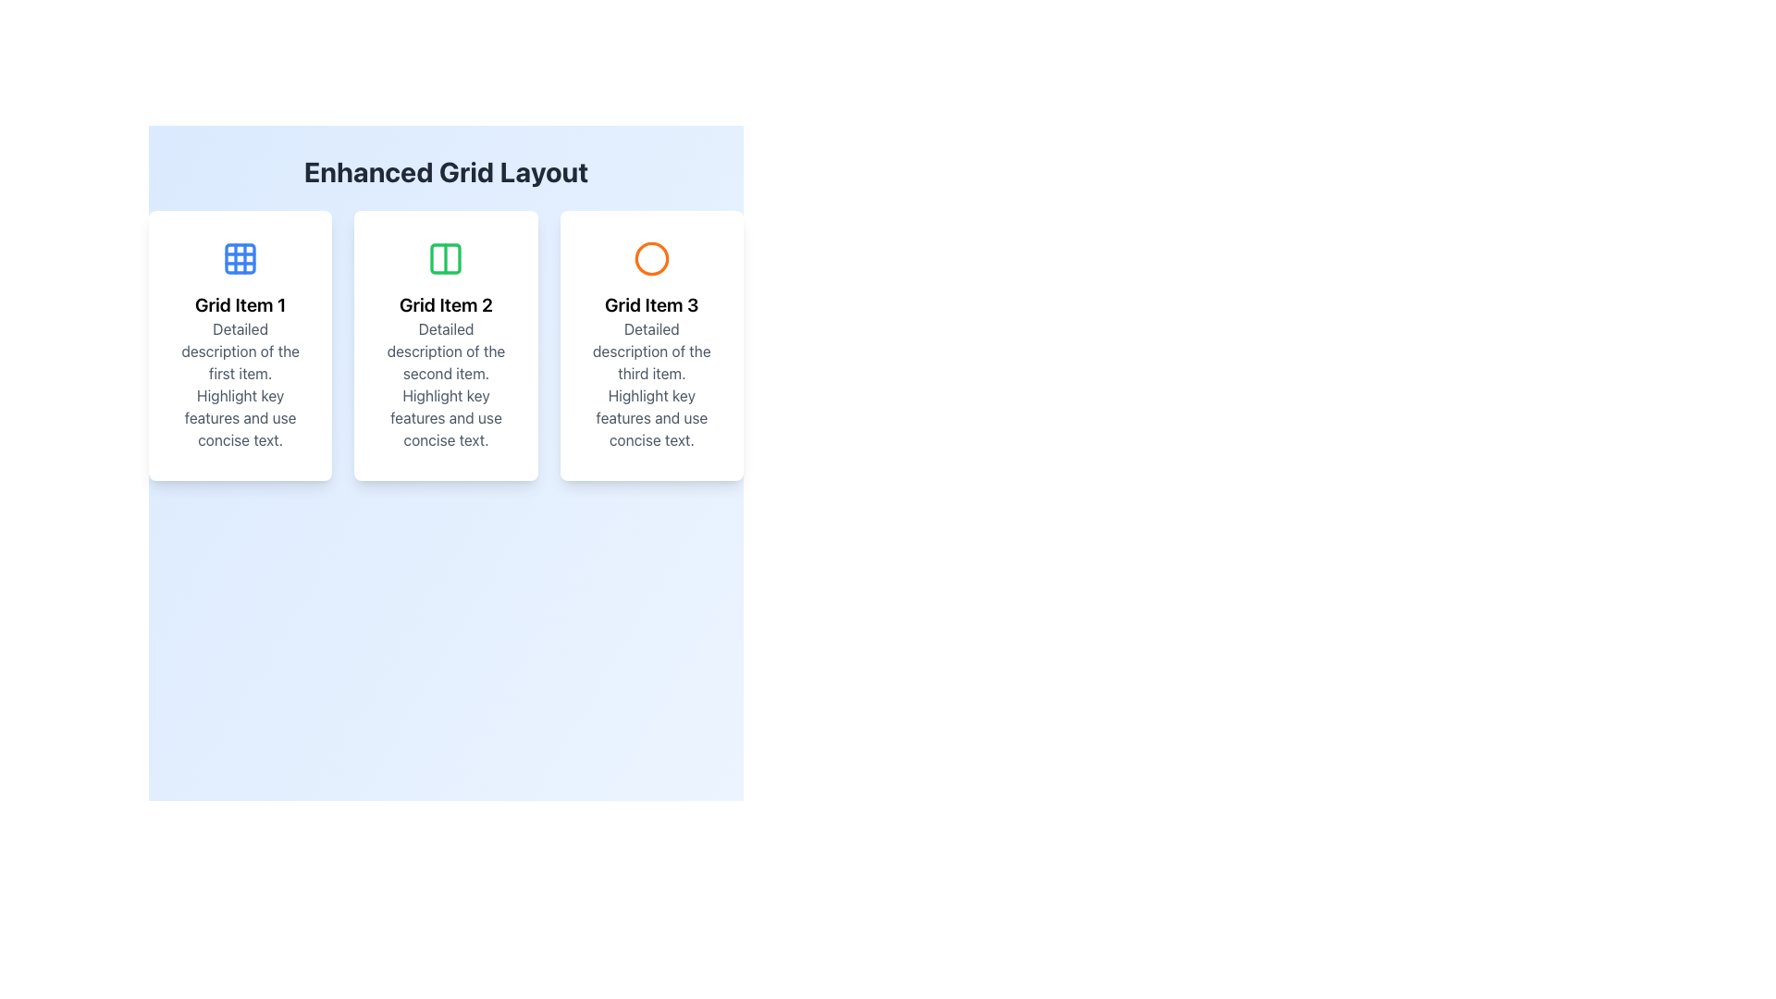 Image resolution: width=1776 pixels, height=999 pixels. I want to click on the Icon located at the topmost position within the 'Grid Item 2' section, which visually represents a category or type, so click(446, 259).